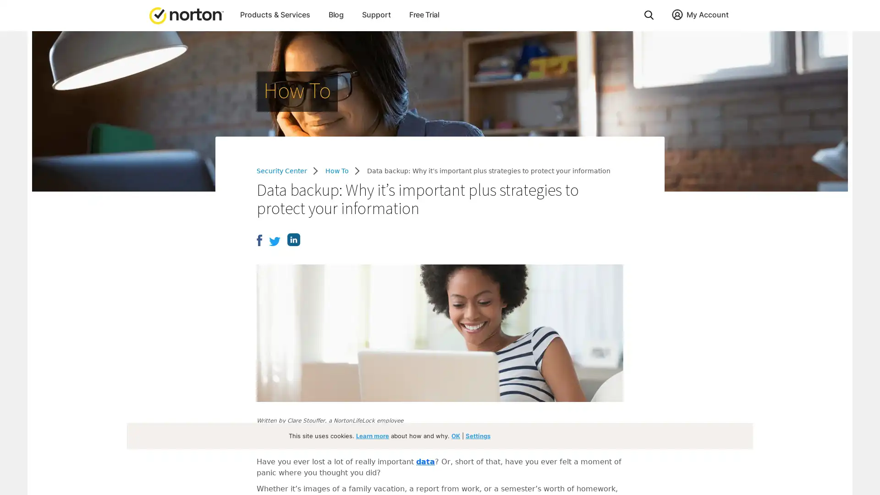 The height and width of the screenshot is (495, 880). I want to click on Unlock Offer, so click(77, 376).